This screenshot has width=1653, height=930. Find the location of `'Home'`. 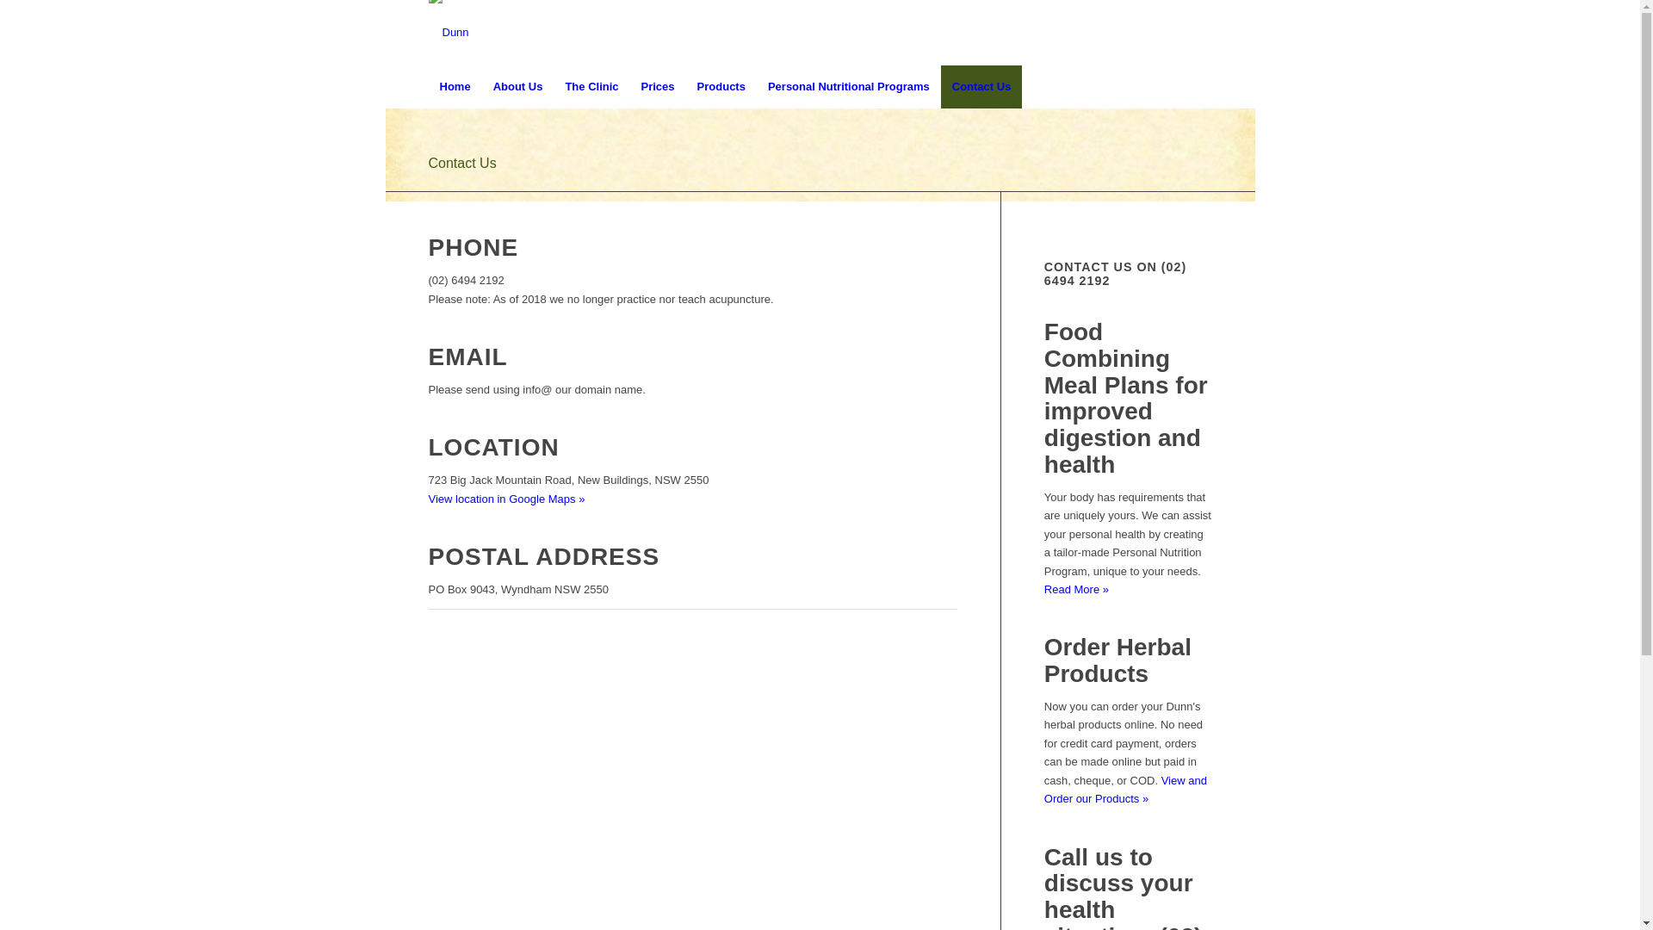

'Home' is located at coordinates (455, 86).